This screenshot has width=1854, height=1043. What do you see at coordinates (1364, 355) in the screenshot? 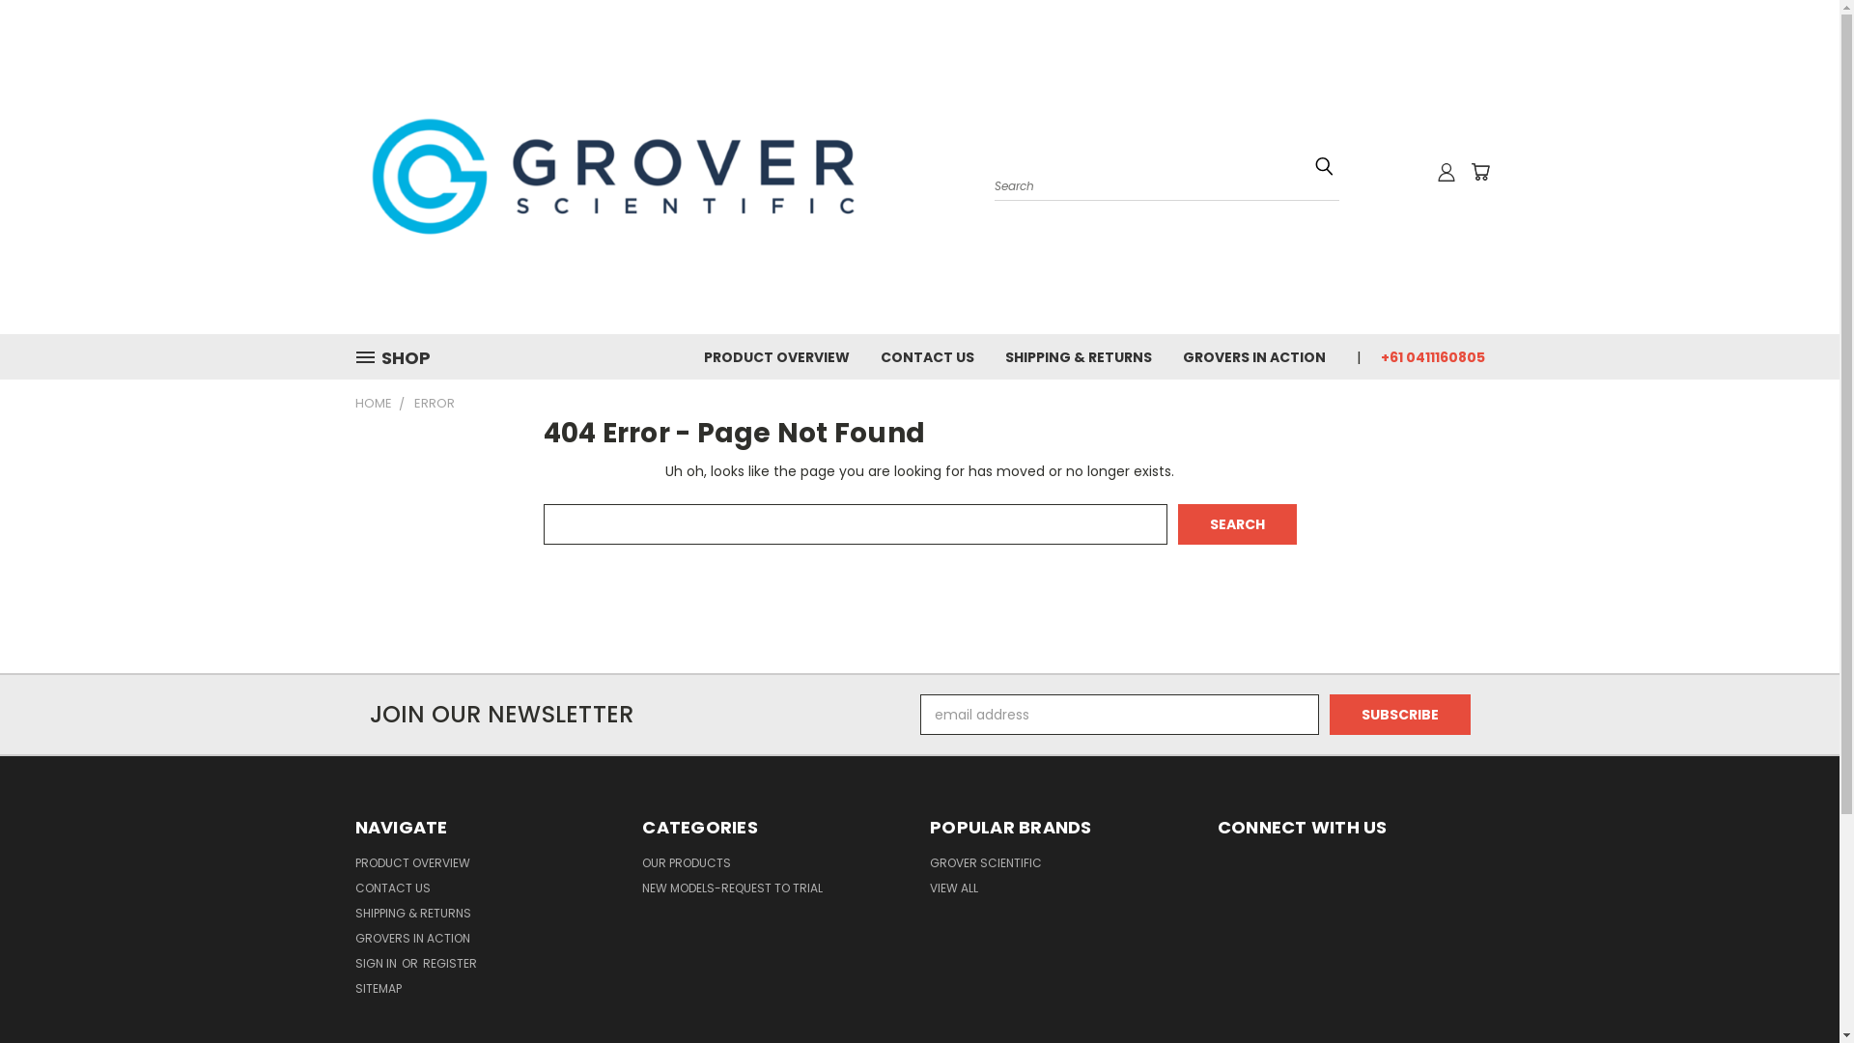
I see `'+61 0411160805'` at bounding box center [1364, 355].